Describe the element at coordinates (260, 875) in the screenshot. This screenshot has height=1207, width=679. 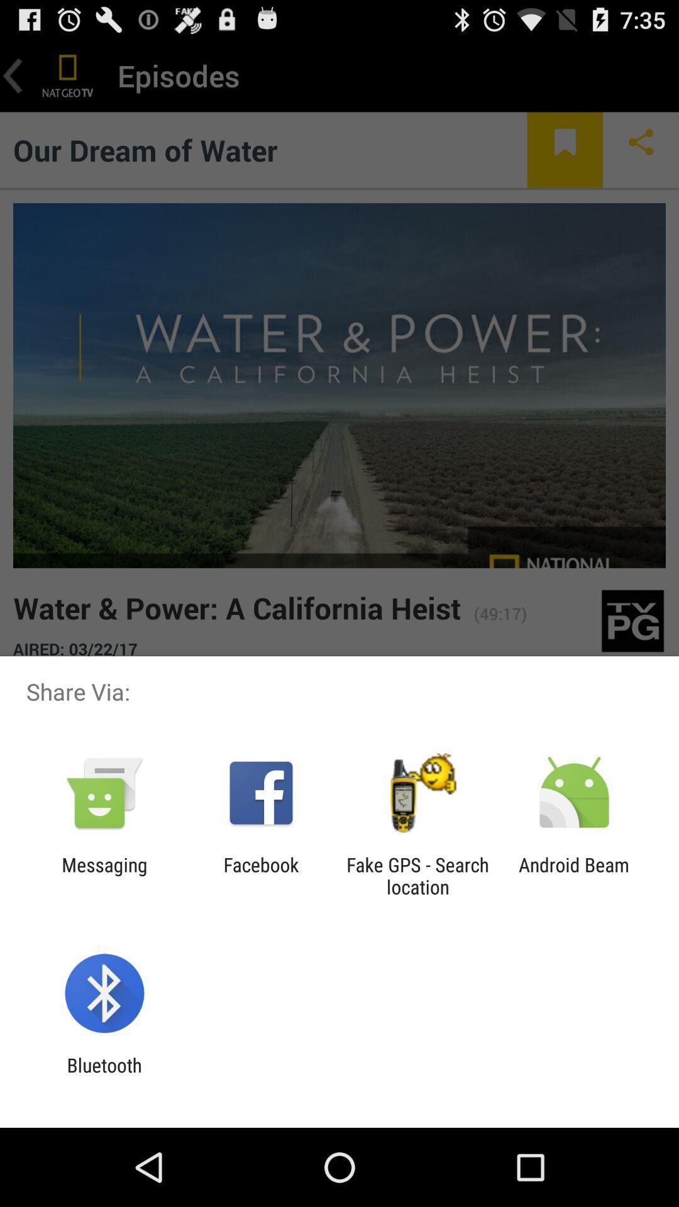
I see `the item to the right of the messaging item` at that location.